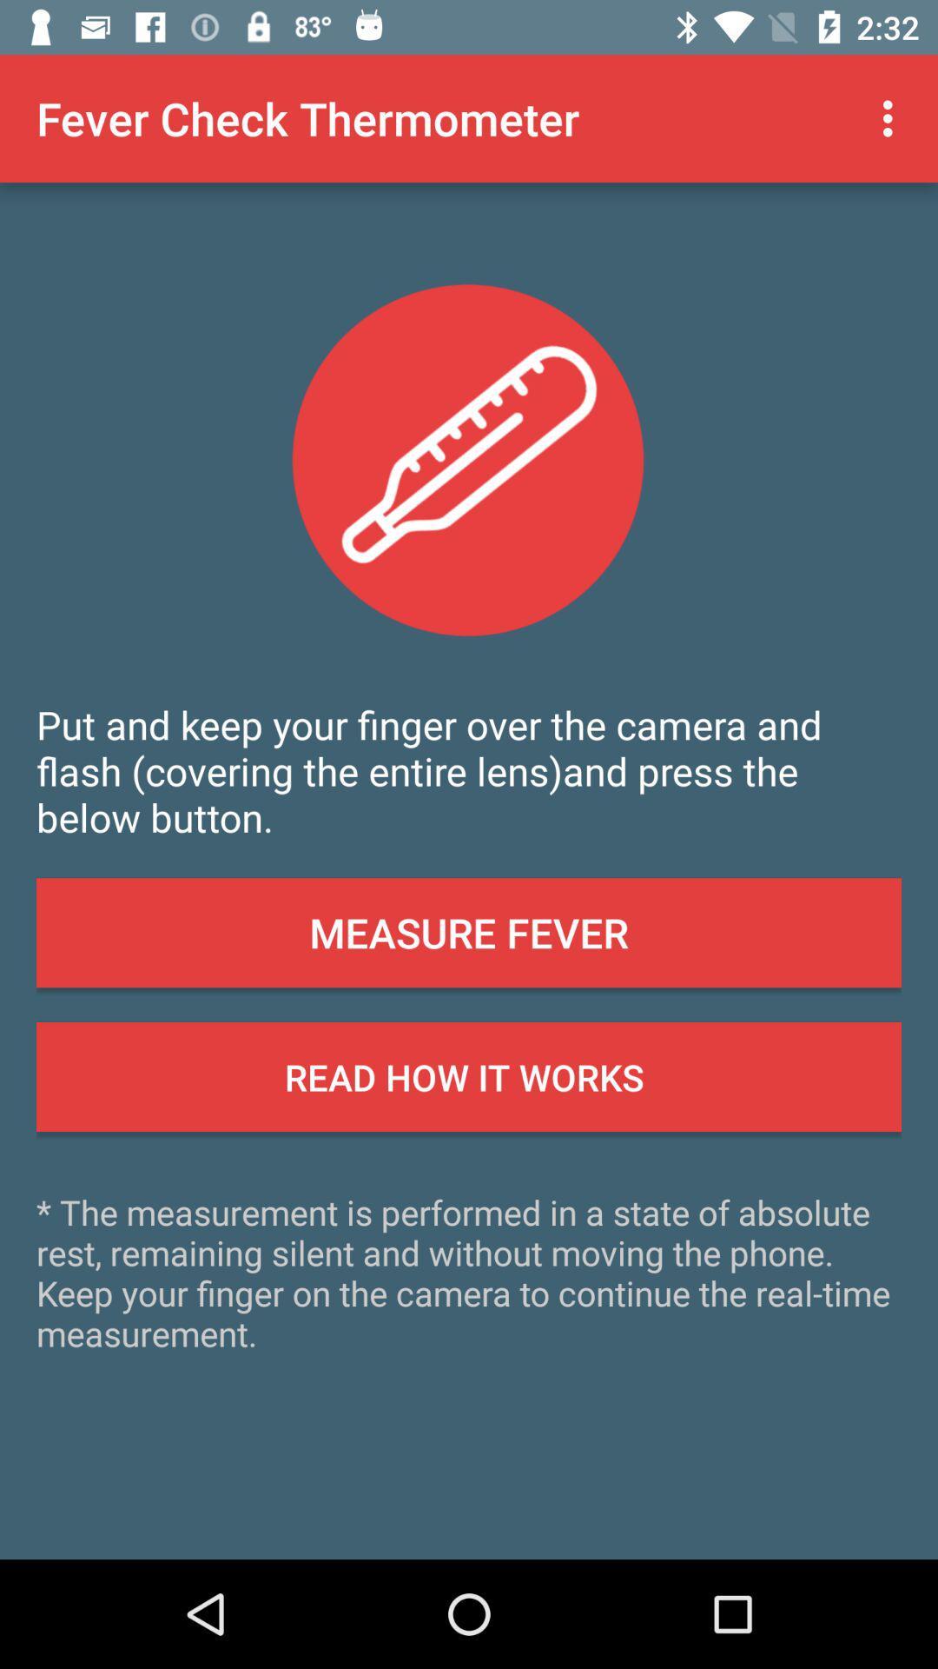  What do you see at coordinates (469, 932) in the screenshot?
I see `measure fever icon` at bounding box center [469, 932].